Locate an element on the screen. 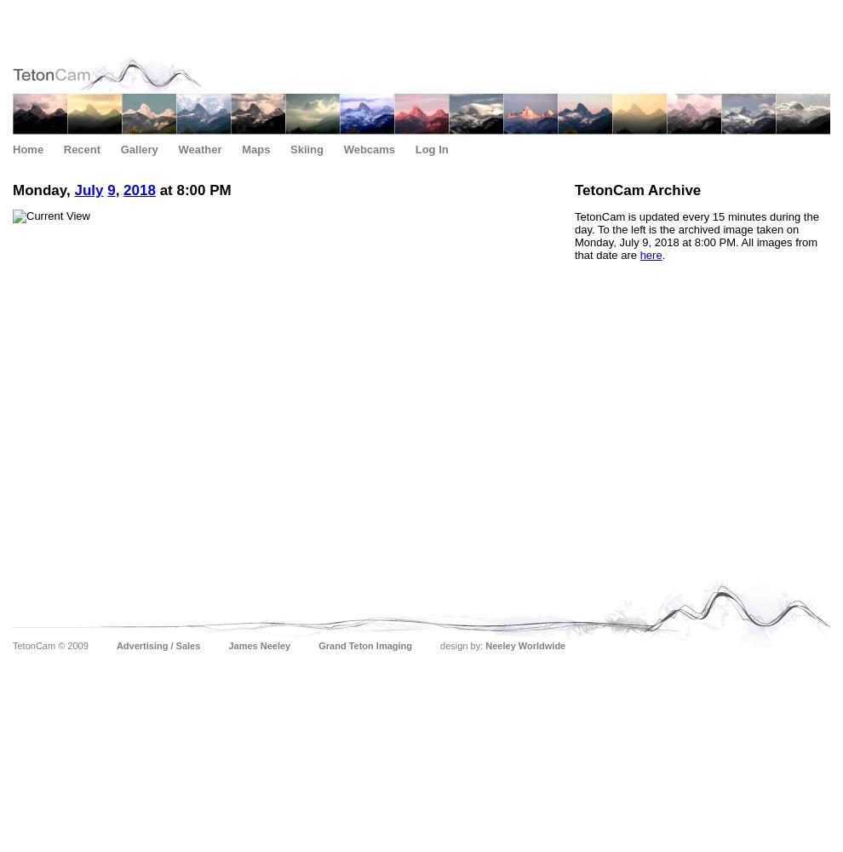 The width and height of the screenshot is (843, 852). 'here' is located at coordinates (650, 255).